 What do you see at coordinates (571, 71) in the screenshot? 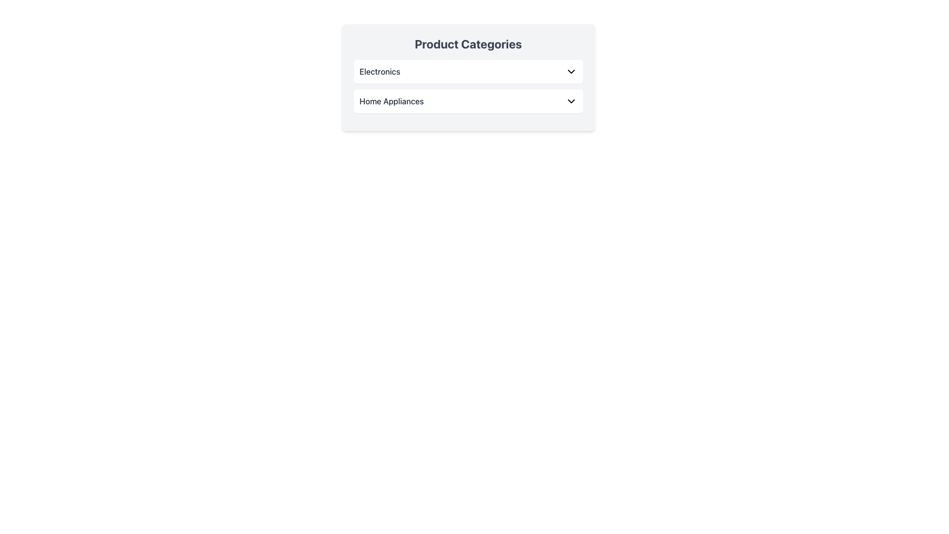
I see `the downward-pointing chevron icon next to the 'Electronics' label` at bounding box center [571, 71].